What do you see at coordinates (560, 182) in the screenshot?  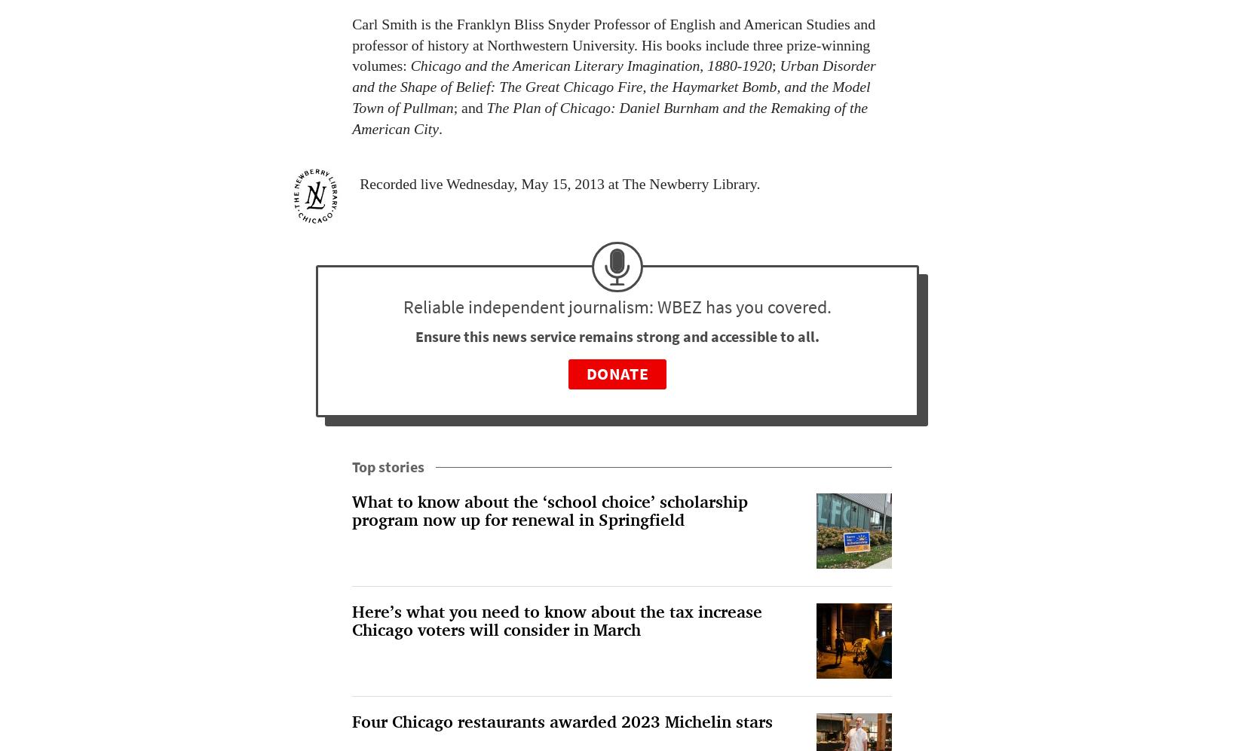 I see `'Recorded live Wednesday, May 15, 2013 at The Newberry Library.'` at bounding box center [560, 182].